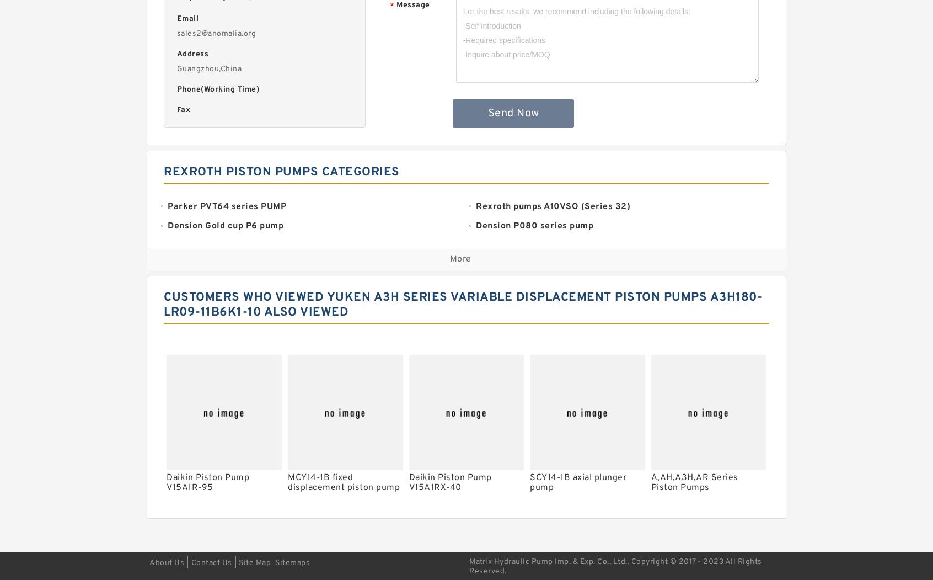 The image size is (933, 580). What do you see at coordinates (186, 19) in the screenshot?
I see `'Email'` at bounding box center [186, 19].